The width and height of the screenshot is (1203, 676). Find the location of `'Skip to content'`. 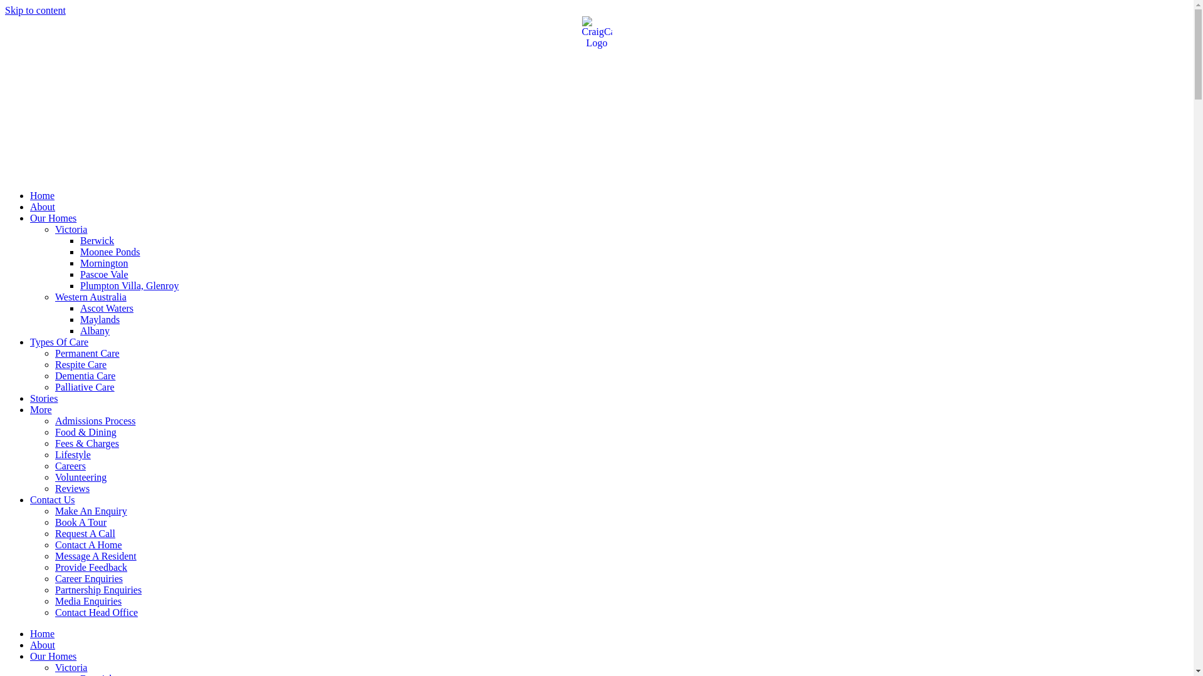

'Skip to content' is located at coordinates (35, 10).